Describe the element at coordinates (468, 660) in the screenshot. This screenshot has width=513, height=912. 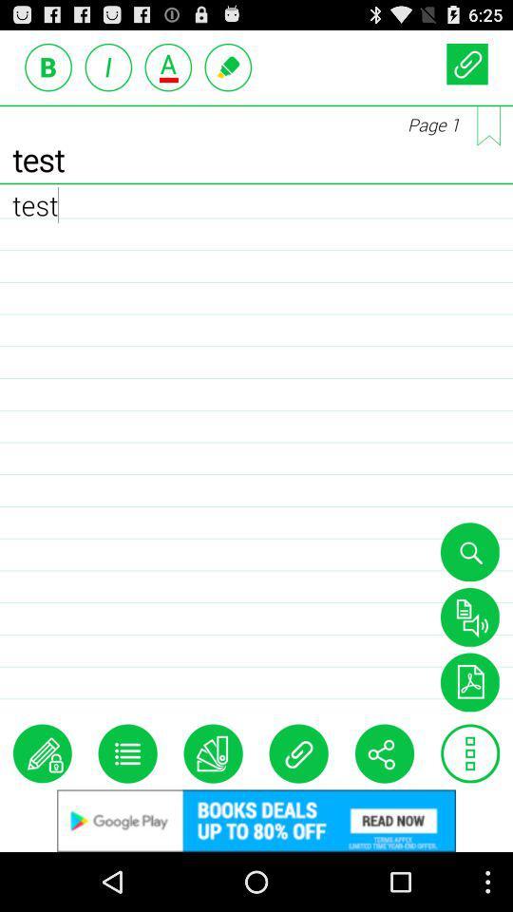
I see `the description icon` at that location.